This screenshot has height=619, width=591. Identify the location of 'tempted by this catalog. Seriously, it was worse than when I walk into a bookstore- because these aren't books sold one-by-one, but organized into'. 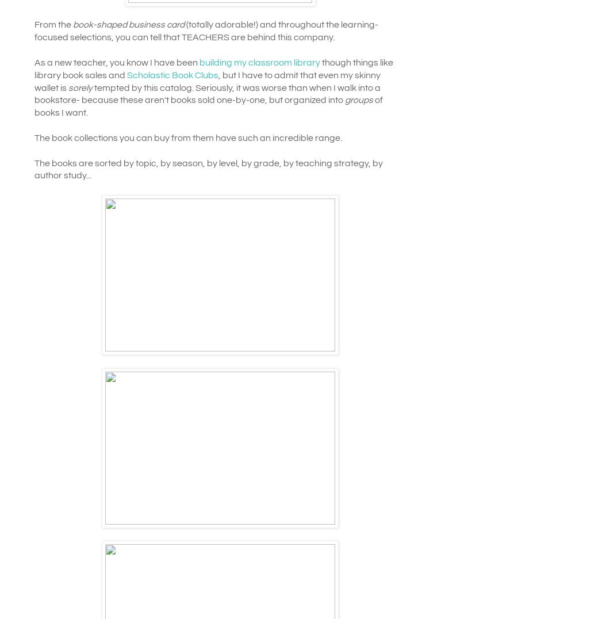
(207, 94).